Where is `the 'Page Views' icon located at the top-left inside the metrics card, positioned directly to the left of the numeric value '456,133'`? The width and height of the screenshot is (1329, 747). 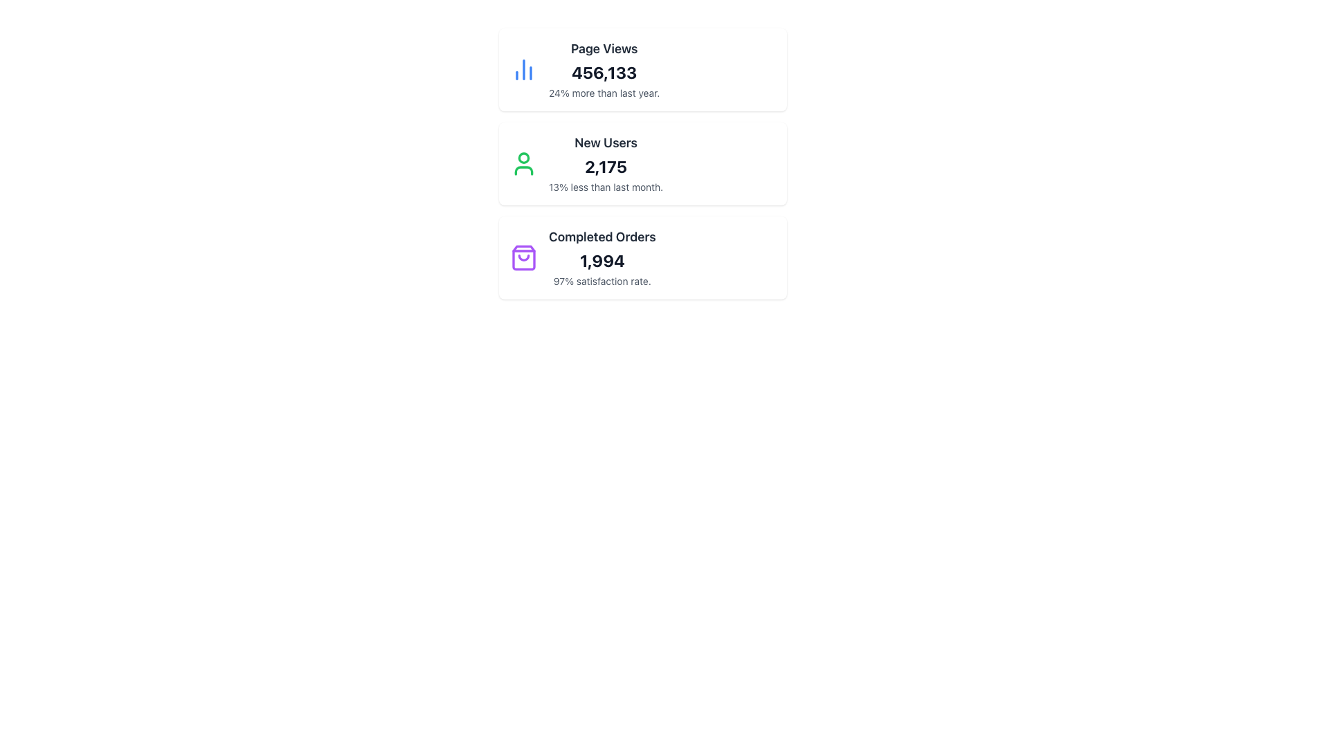 the 'Page Views' icon located at the top-left inside the metrics card, positioned directly to the left of the numeric value '456,133' is located at coordinates (523, 69).